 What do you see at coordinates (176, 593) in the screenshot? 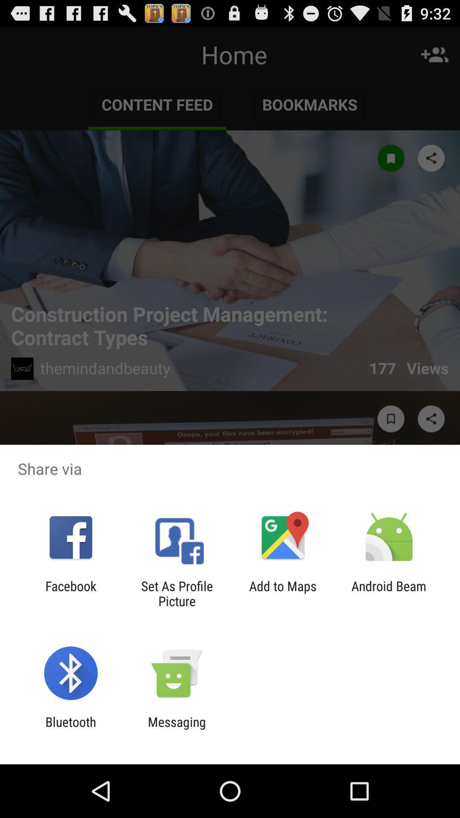
I see `set as profile item` at bounding box center [176, 593].